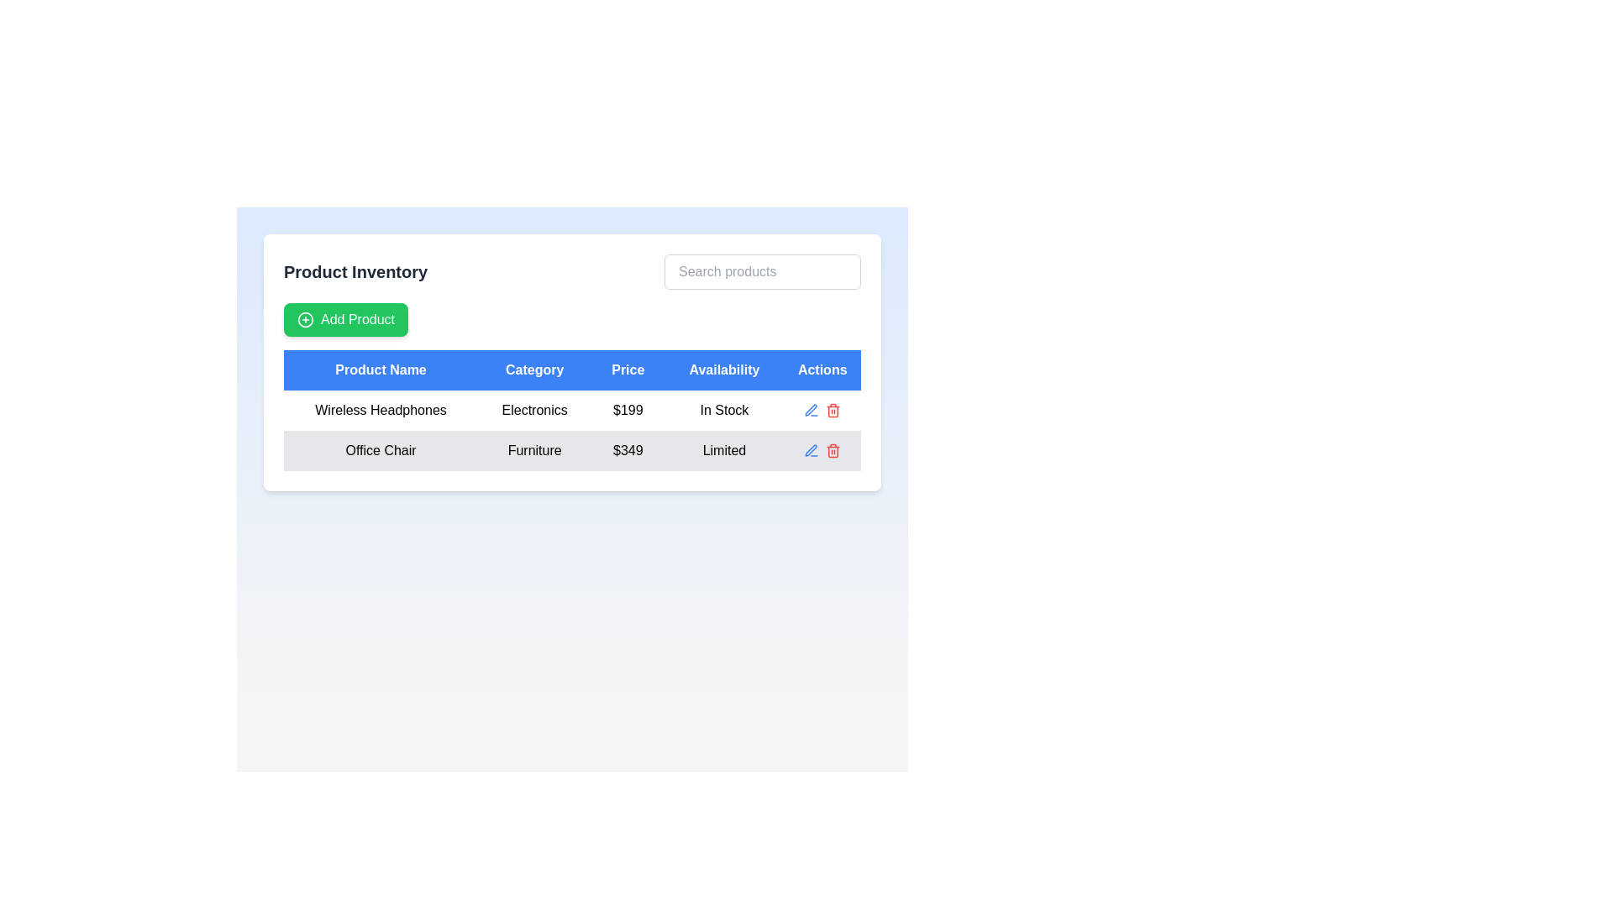  Describe the element at coordinates (533, 369) in the screenshot. I see `the 'Category' text header element, which is the second header in a blue header row of a table, positioned between 'Product Name' and 'Price'` at that location.